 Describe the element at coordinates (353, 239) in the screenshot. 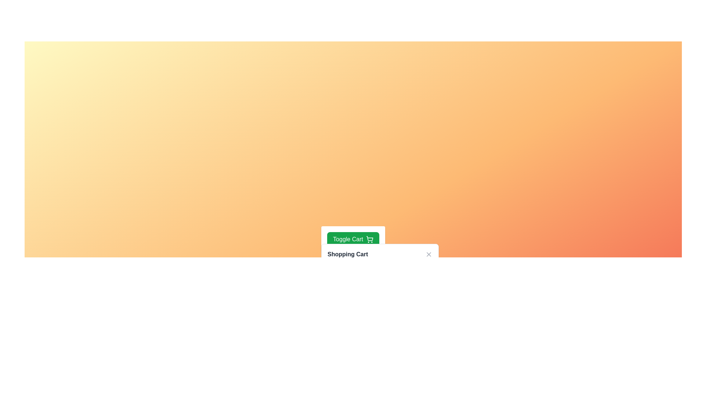

I see `the 'Toggle Cart' button with a green background and white text to observe its hover effects` at that location.